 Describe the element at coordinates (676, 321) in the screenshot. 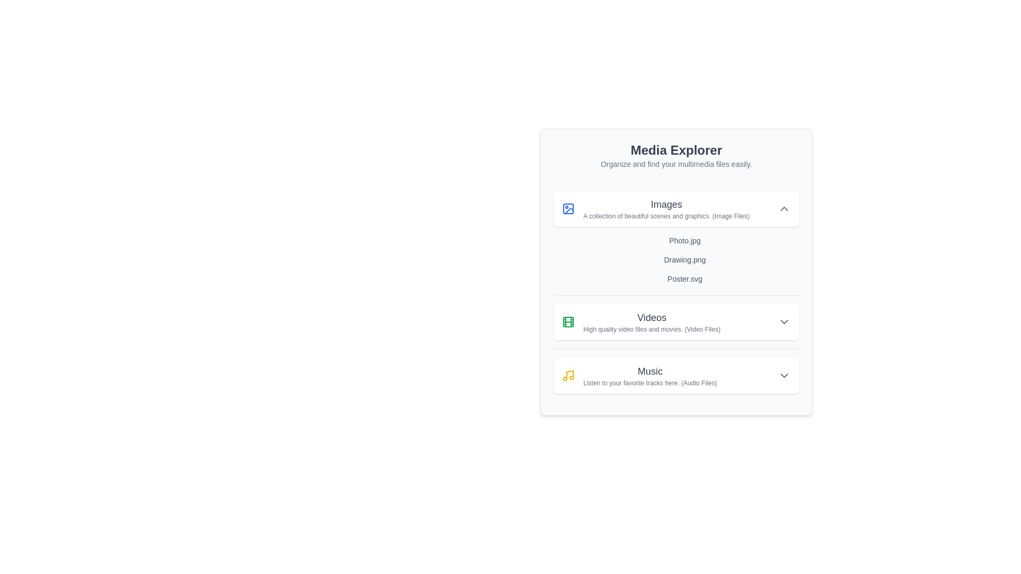

I see `the gray downward arrow icon on the second selectable list item titled 'Videos' in the Media Explorer interface` at that location.